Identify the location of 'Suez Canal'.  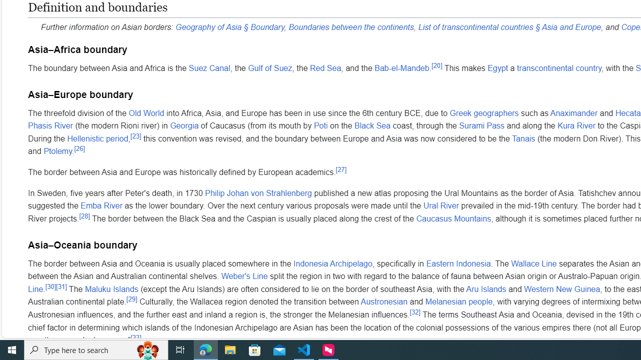
(209, 67).